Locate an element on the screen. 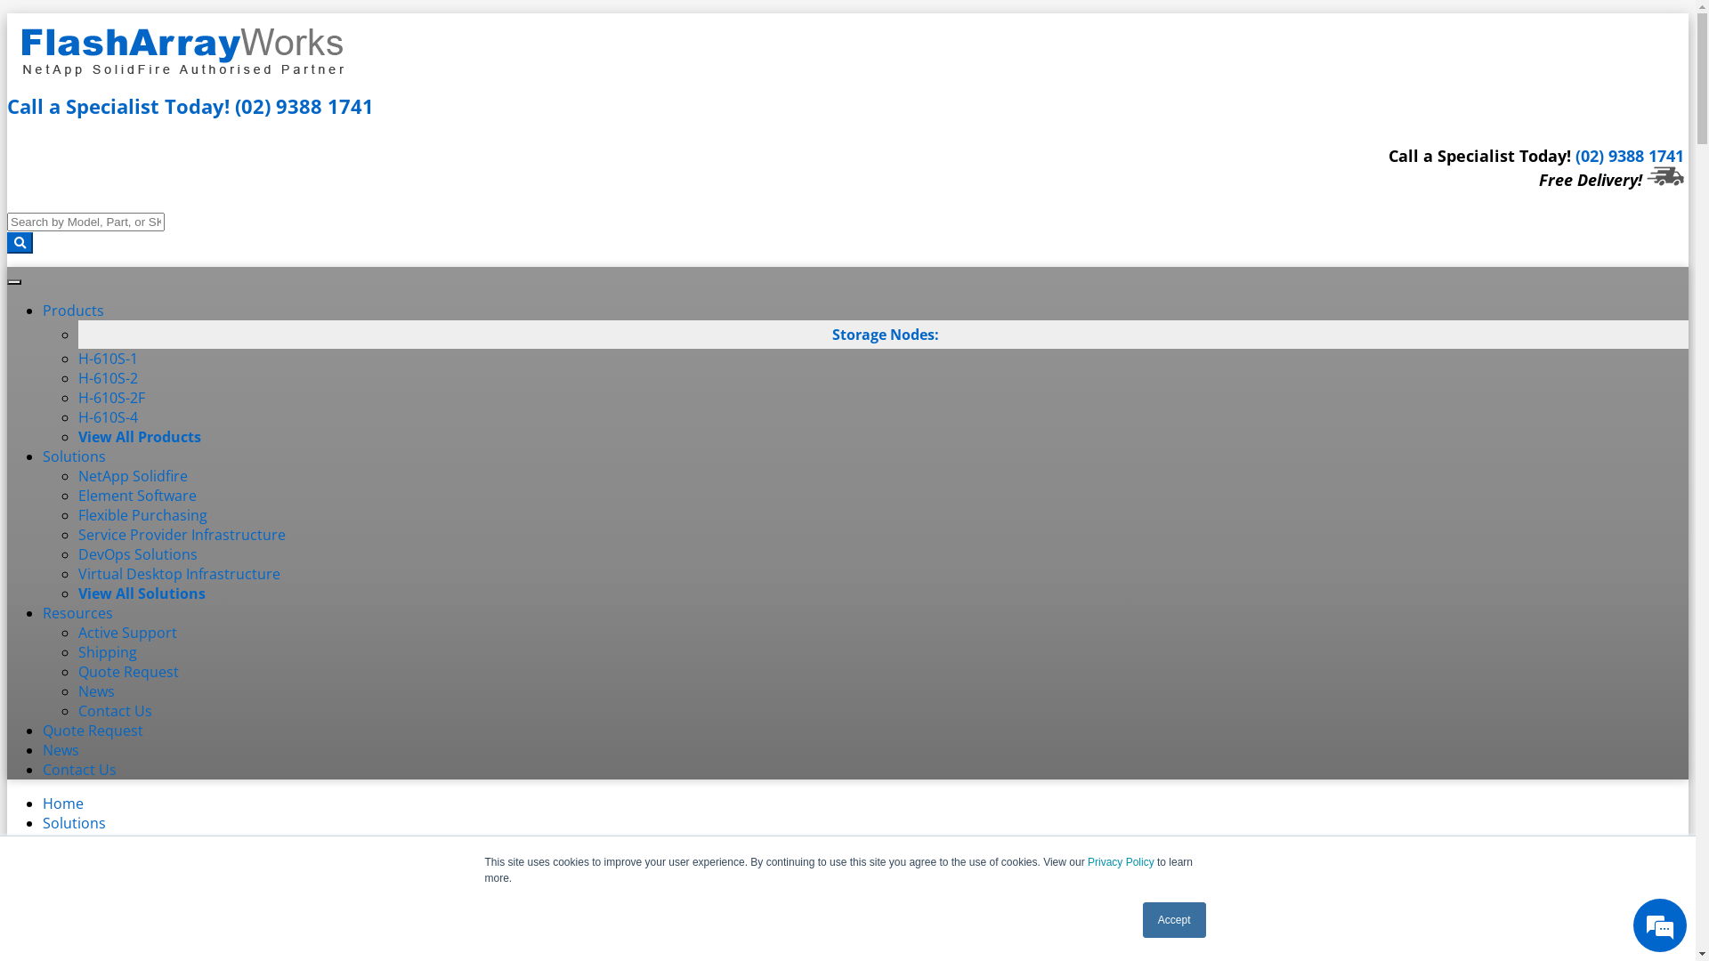 This screenshot has width=1709, height=961. 'Flexible Purchasing' is located at coordinates (142, 514).